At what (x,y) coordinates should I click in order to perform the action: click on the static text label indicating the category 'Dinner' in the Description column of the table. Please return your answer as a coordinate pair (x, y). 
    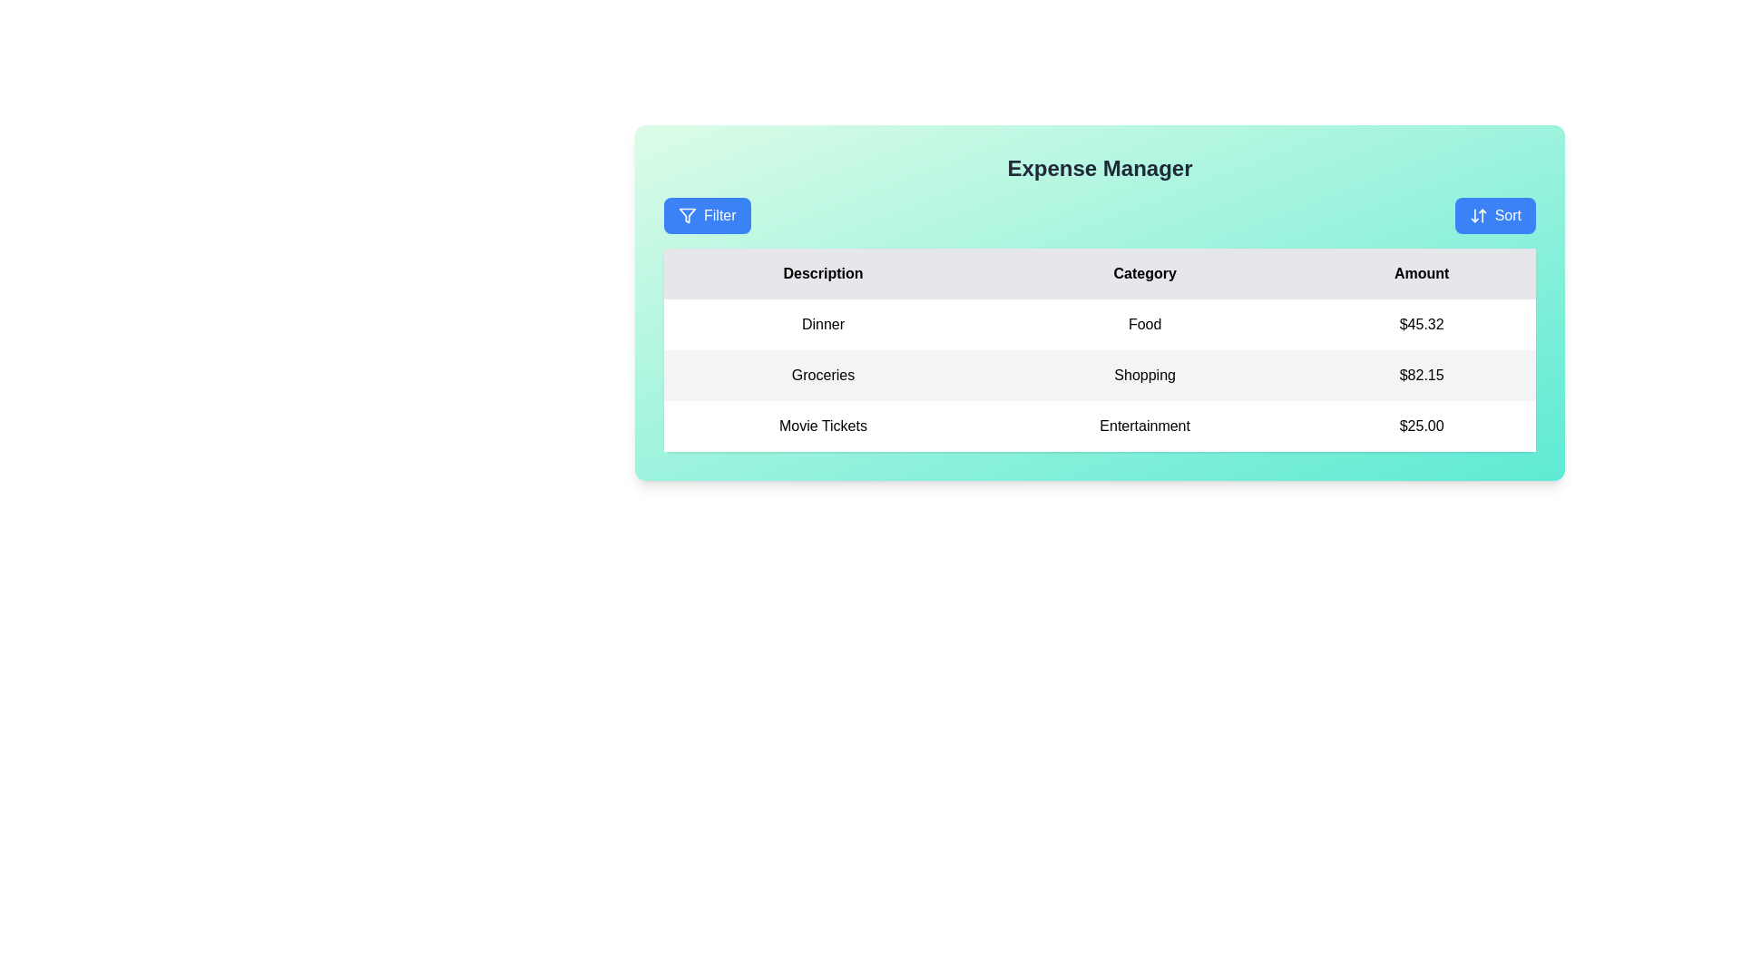
    Looking at the image, I should click on (822, 324).